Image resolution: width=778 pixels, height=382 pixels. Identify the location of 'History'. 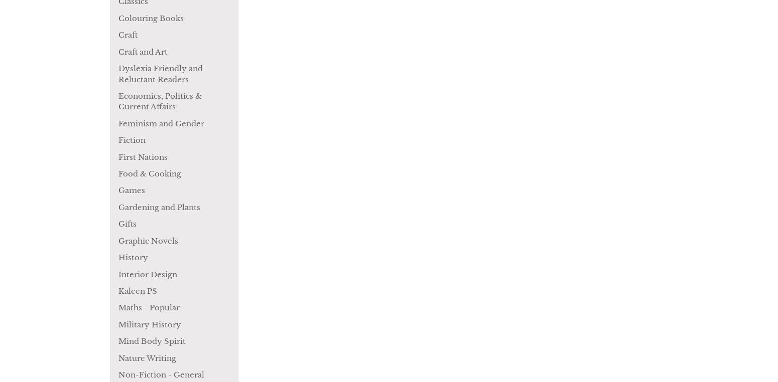
(133, 257).